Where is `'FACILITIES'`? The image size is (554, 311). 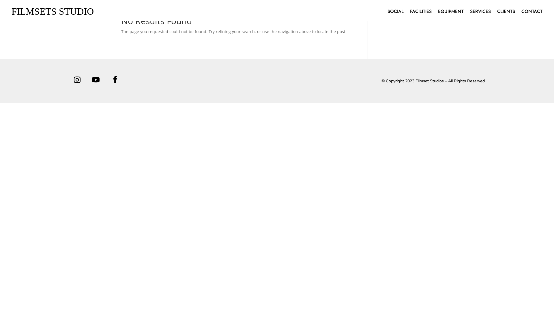
'FACILITIES' is located at coordinates (409, 12).